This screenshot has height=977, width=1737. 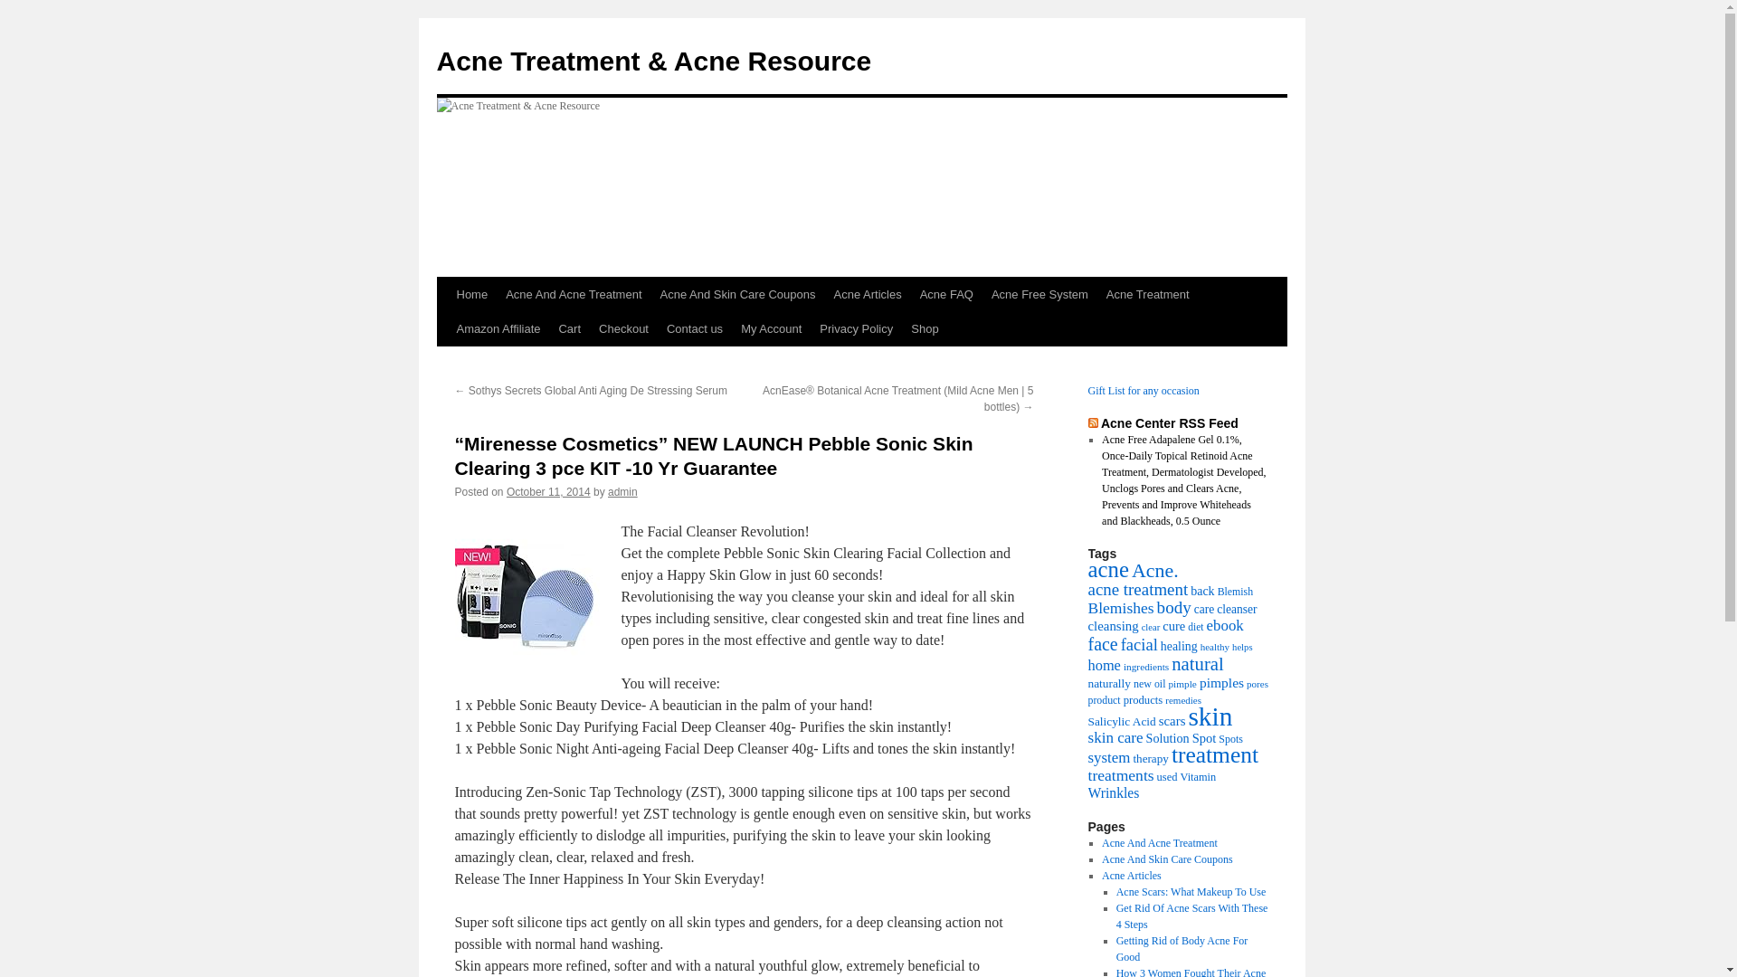 What do you see at coordinates (1115, 891) in the screenshot?
I see `'Acne Scars: What Makeup To Use'` at bounding box center [1115, 891].